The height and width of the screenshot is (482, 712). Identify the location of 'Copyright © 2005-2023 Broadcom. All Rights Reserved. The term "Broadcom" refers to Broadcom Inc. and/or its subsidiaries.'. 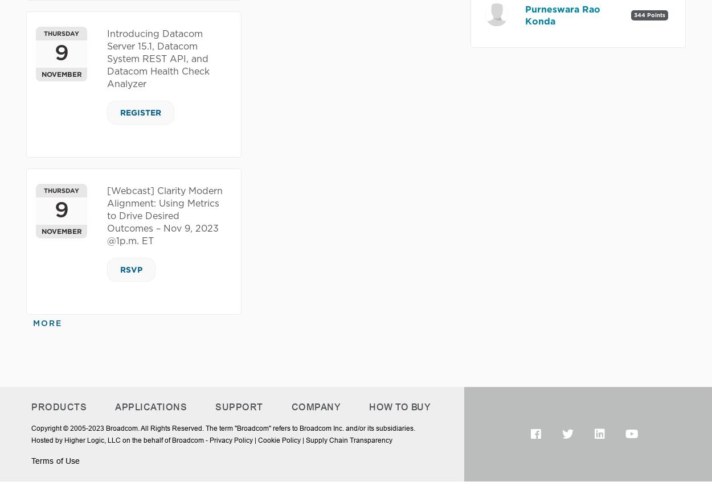
(223, 427).